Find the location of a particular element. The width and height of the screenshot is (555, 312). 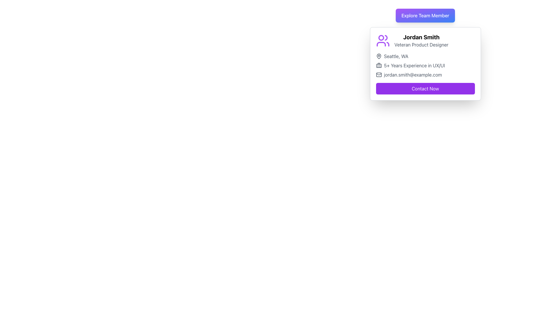

the text label displaying '5+ Years Experience in UX/UI' is located at coordinates (425, 65).